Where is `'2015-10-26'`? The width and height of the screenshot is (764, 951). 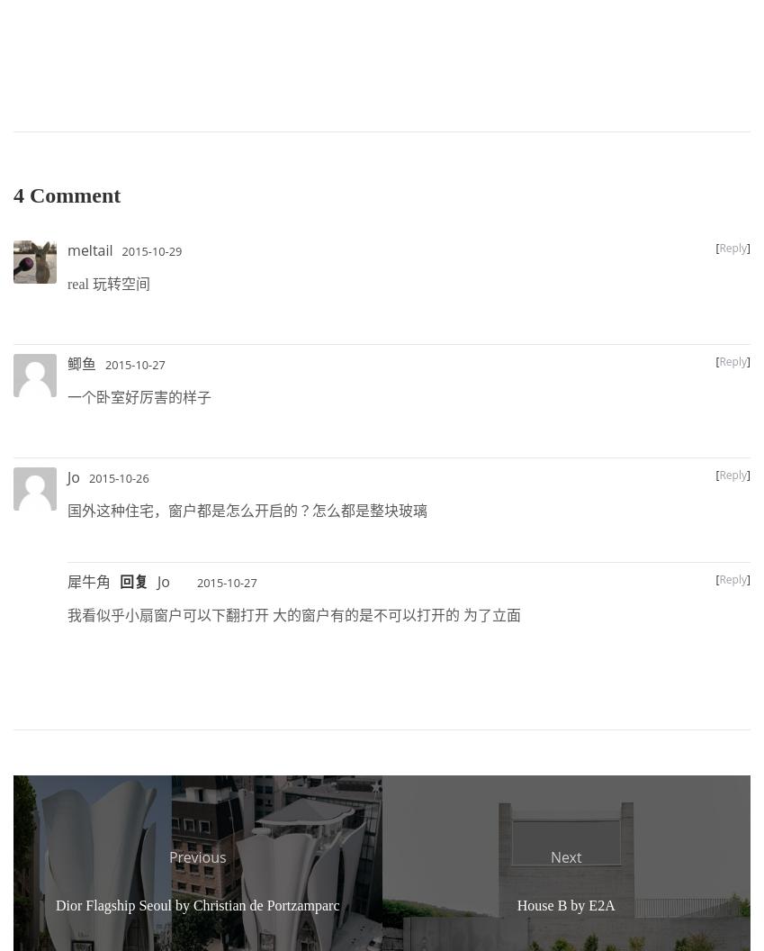 '2015-10-26' is located at coordinates (117, 477).